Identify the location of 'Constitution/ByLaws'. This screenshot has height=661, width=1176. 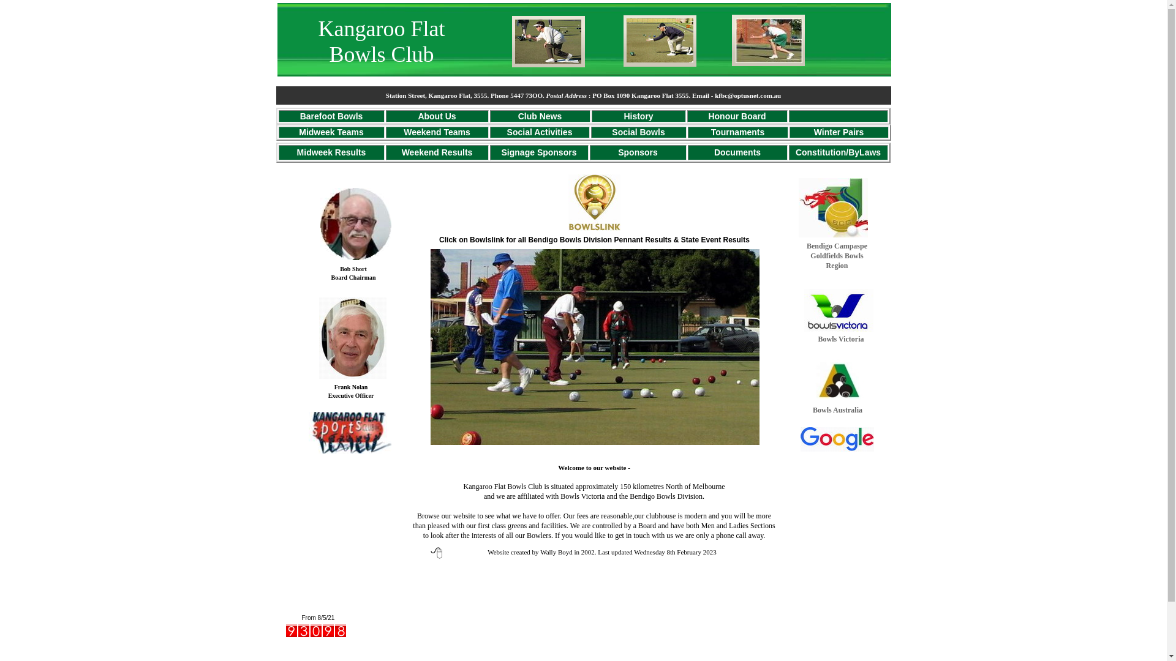
(837, 151).